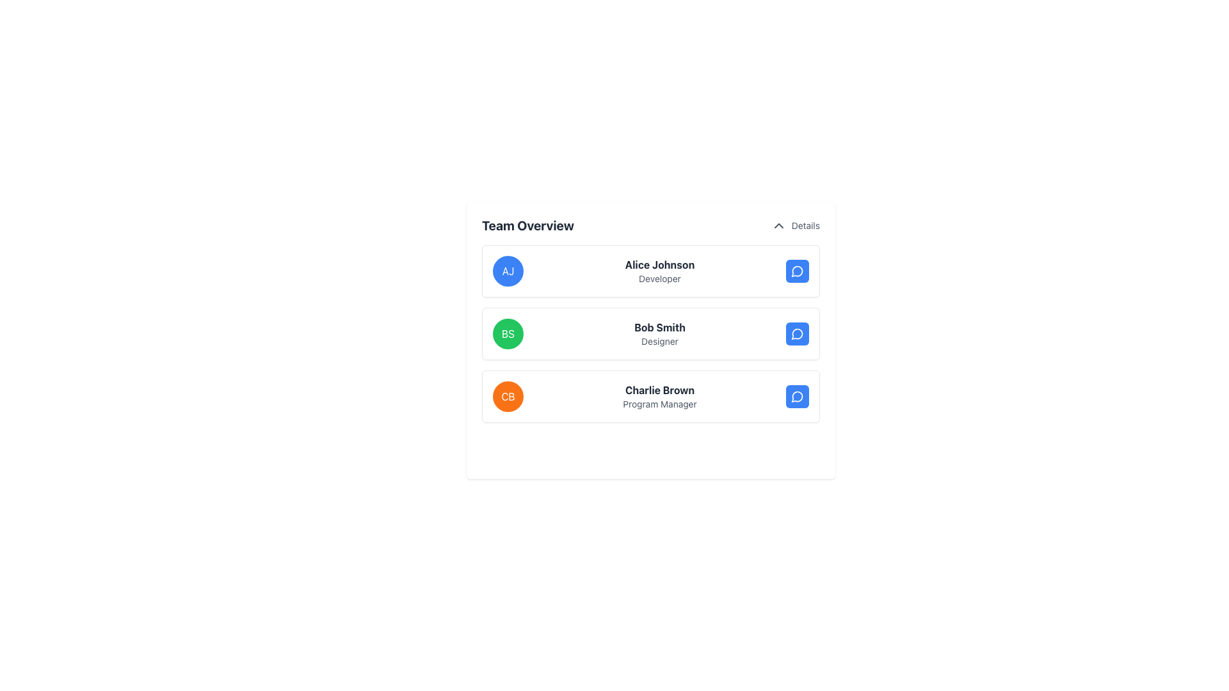 The height and width of the screenshot is (691, 1229). What do you see at coordinates (794, 225) in the screenshot?
I see `the 'Details' clickable text label with an upward-pointing chevron icon in the 'Team Overview' section to change its color` at bounding box center [794, 225].